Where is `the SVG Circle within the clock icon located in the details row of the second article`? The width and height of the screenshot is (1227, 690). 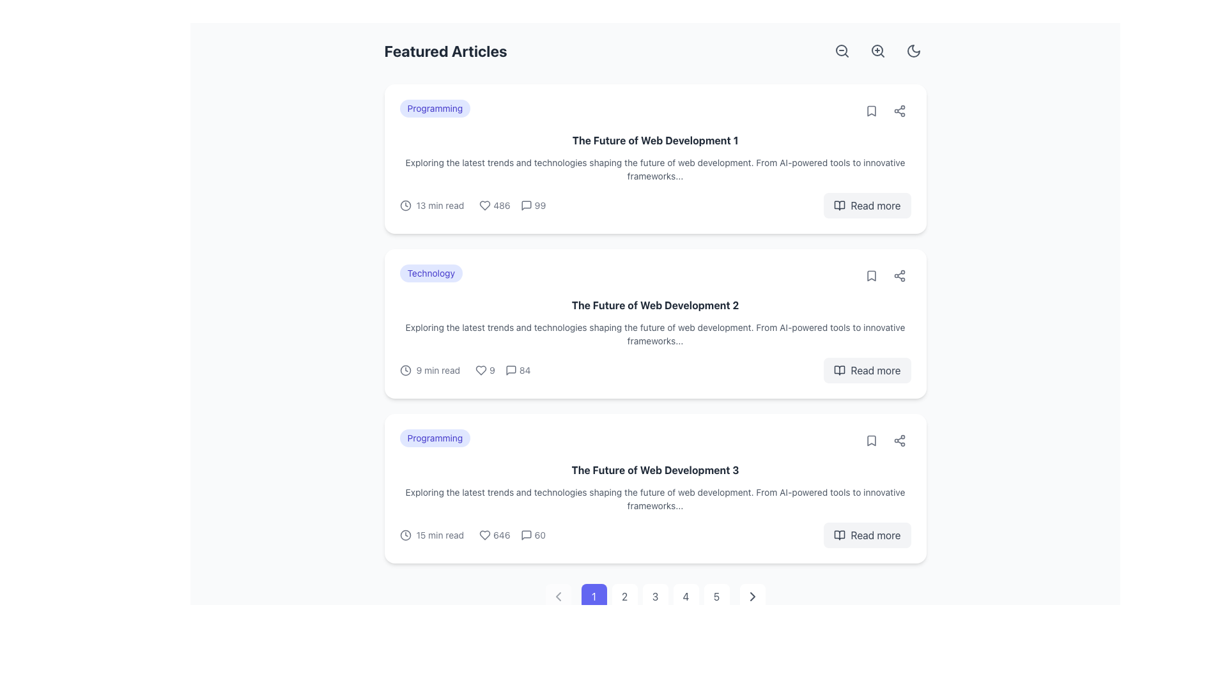
the SVG Circle within the clock icon located in the details row of the second article is located at coordinates (405, 370).